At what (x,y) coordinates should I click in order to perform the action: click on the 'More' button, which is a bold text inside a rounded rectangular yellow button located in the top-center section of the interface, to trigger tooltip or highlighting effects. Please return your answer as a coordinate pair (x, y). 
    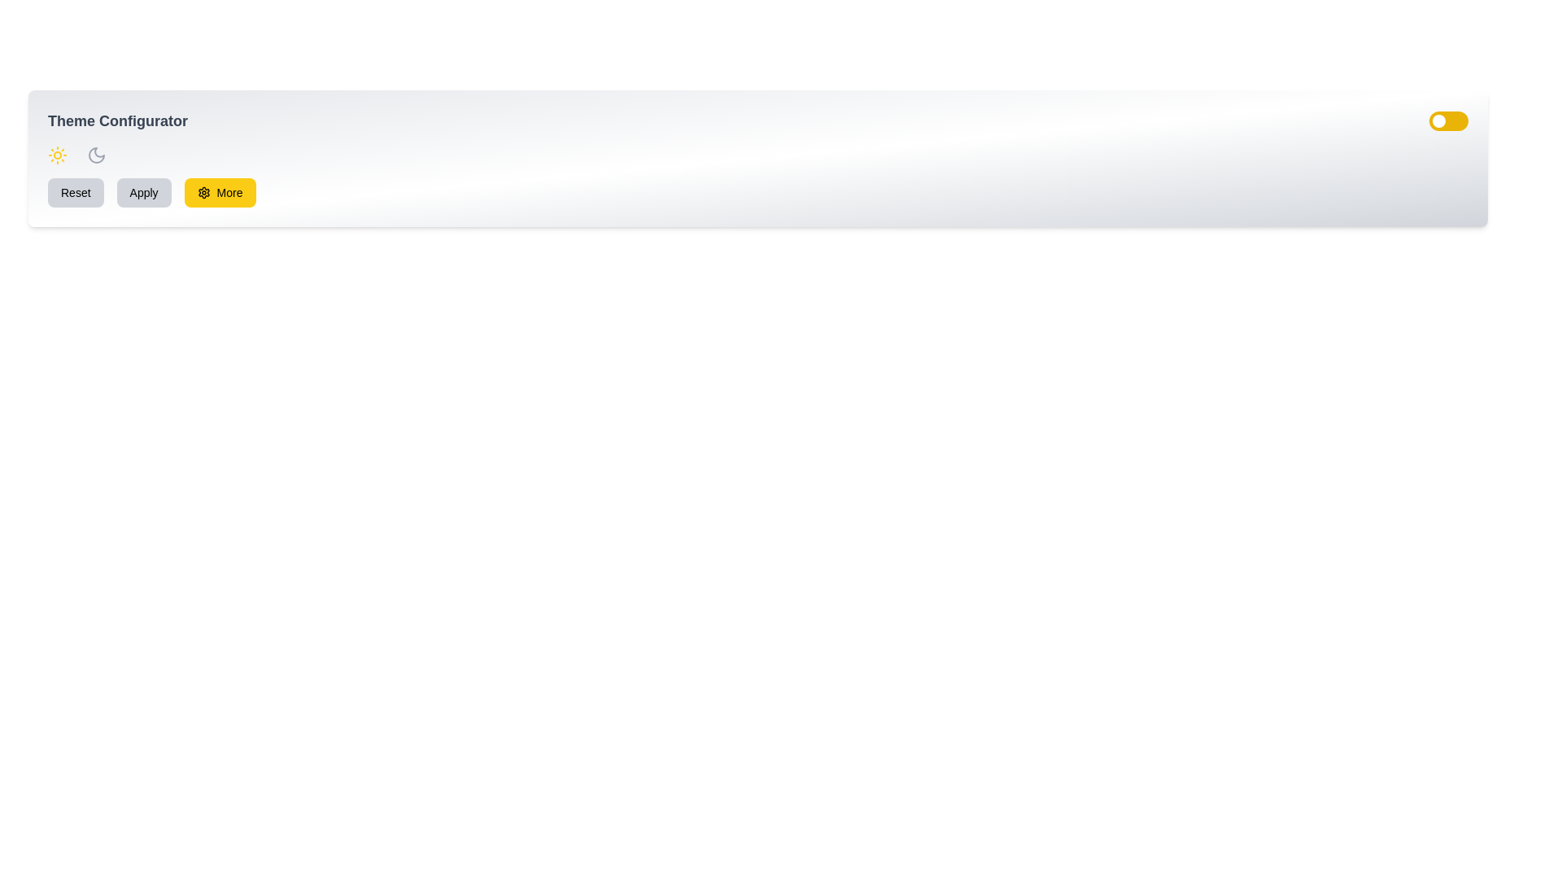
    Looking at the image, I should click on (229, 191).